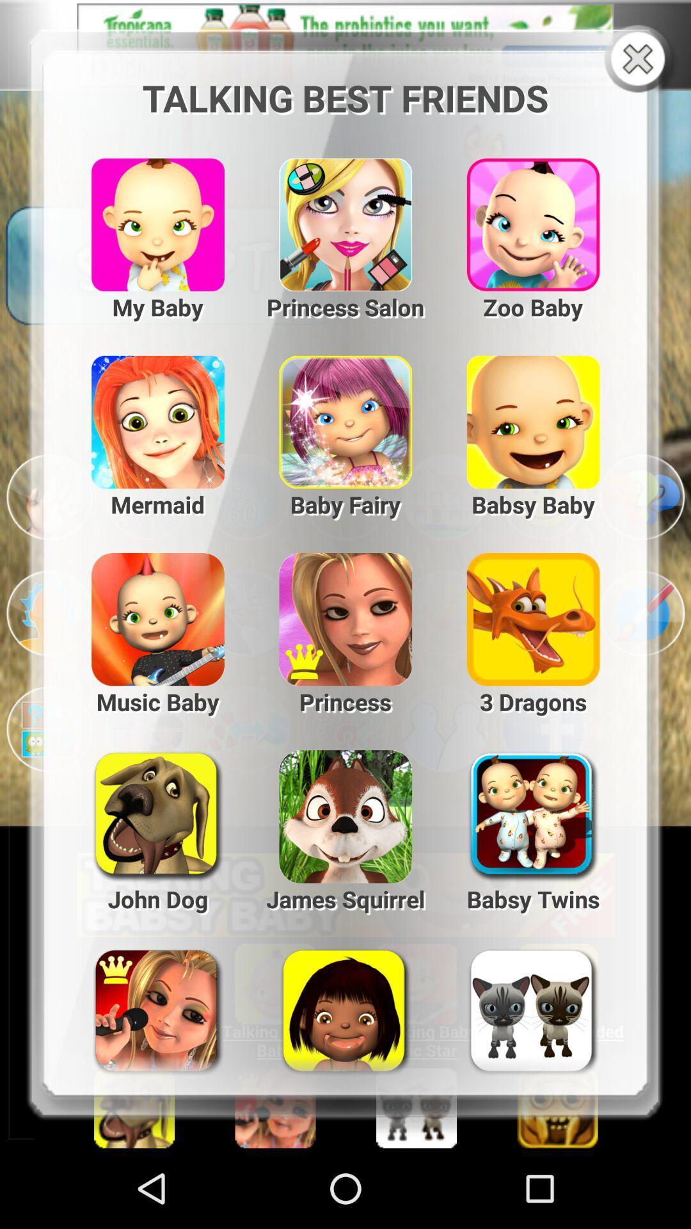  What do you see at coordinates (640, 64) in the screenshot?
I see `the close icon` at bounding box center [640, 64].